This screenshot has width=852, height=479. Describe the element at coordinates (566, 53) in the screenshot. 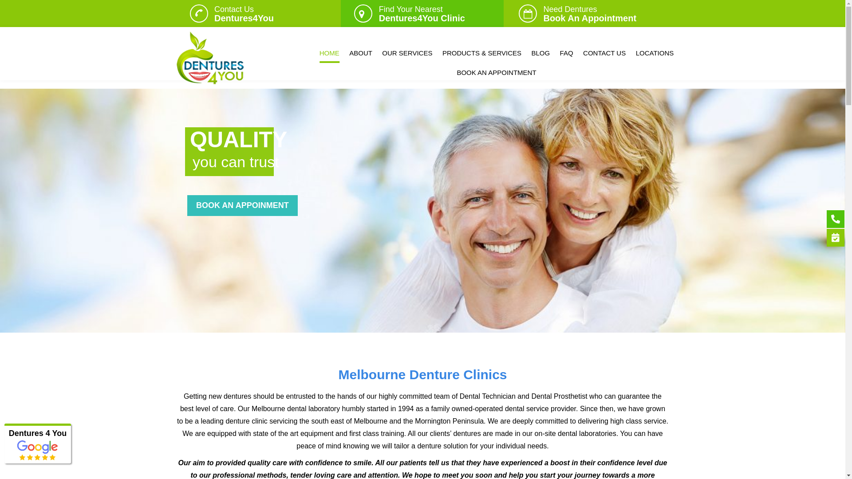

I see `'FAQ'` at that location.